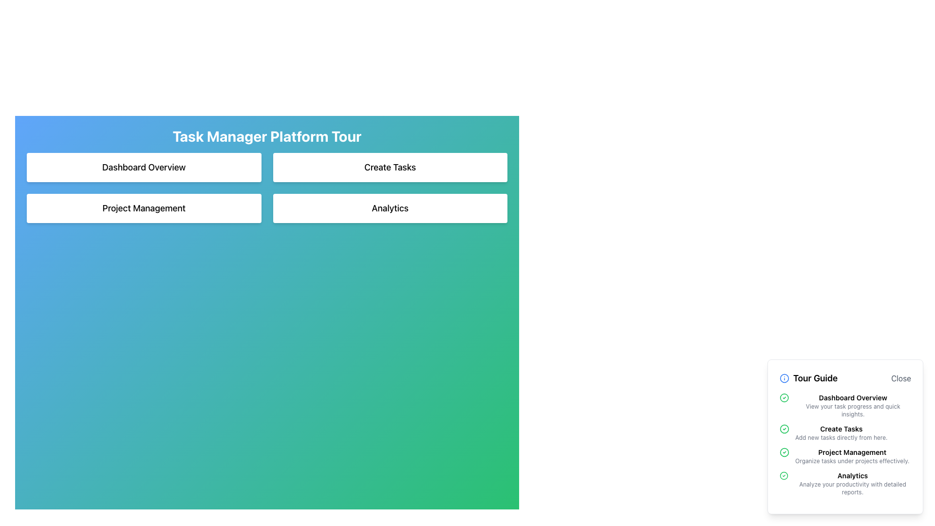 The height and width of the screenshot is (526, 935). Describe the element at coordinates (845, 456) in the screenshot. I see `the 'Project Management' list item in the 'Tour Guide' section, which is the third item in the vertical list, located between 'Create Tasks' and 'Analytics'` at that location.